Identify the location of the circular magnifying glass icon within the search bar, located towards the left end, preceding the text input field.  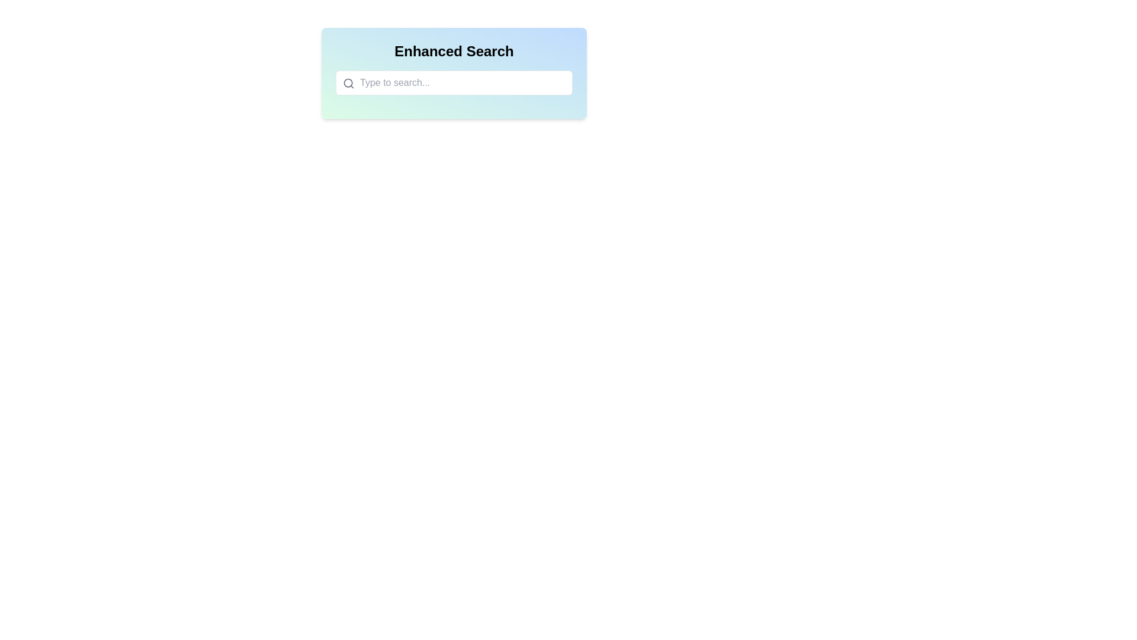
(348, 82).